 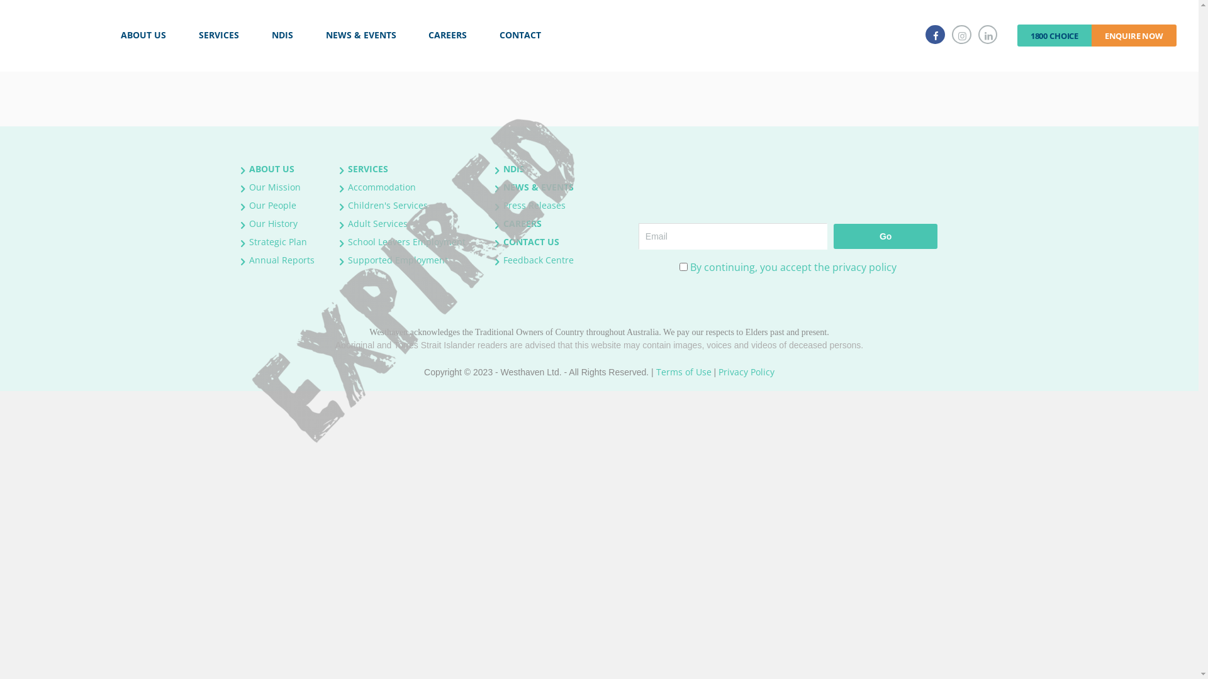 I want to click on 'Our History', so click(x=272, y=223).